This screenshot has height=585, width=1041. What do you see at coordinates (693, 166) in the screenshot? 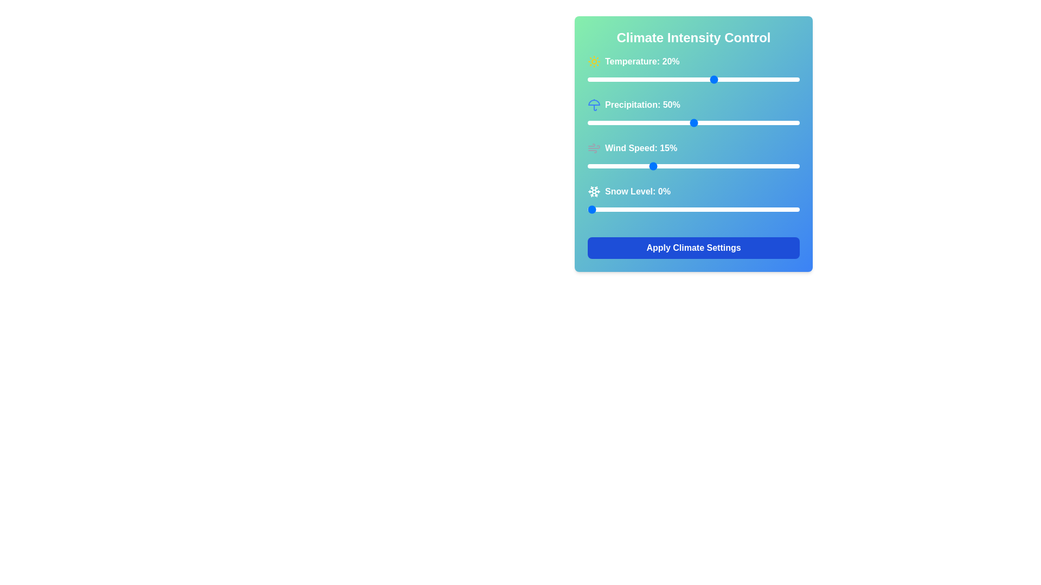
I see `wind speed` at bounding box center [693, 166].